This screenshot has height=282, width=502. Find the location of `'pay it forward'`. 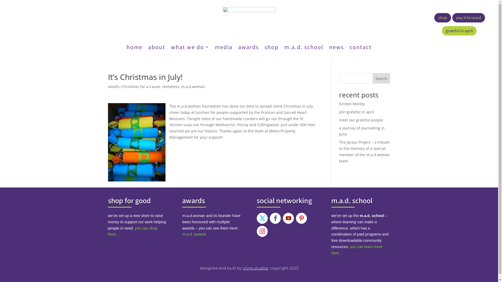

'pay it forward' is located at coordinates (469, 17).